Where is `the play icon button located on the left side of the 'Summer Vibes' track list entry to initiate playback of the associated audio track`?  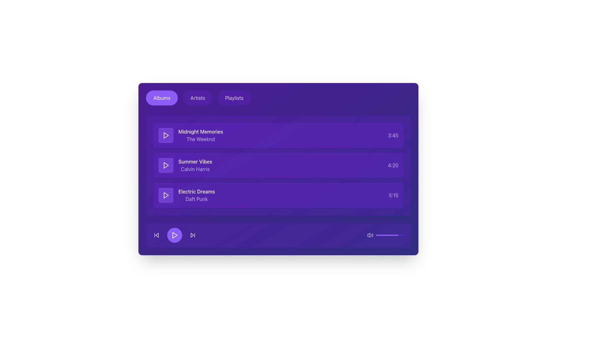
the play icon button located on the left side of the 'Summer Vibes' track list entry to initiate playback of the associated audio track is located at coordinates (166, 165).